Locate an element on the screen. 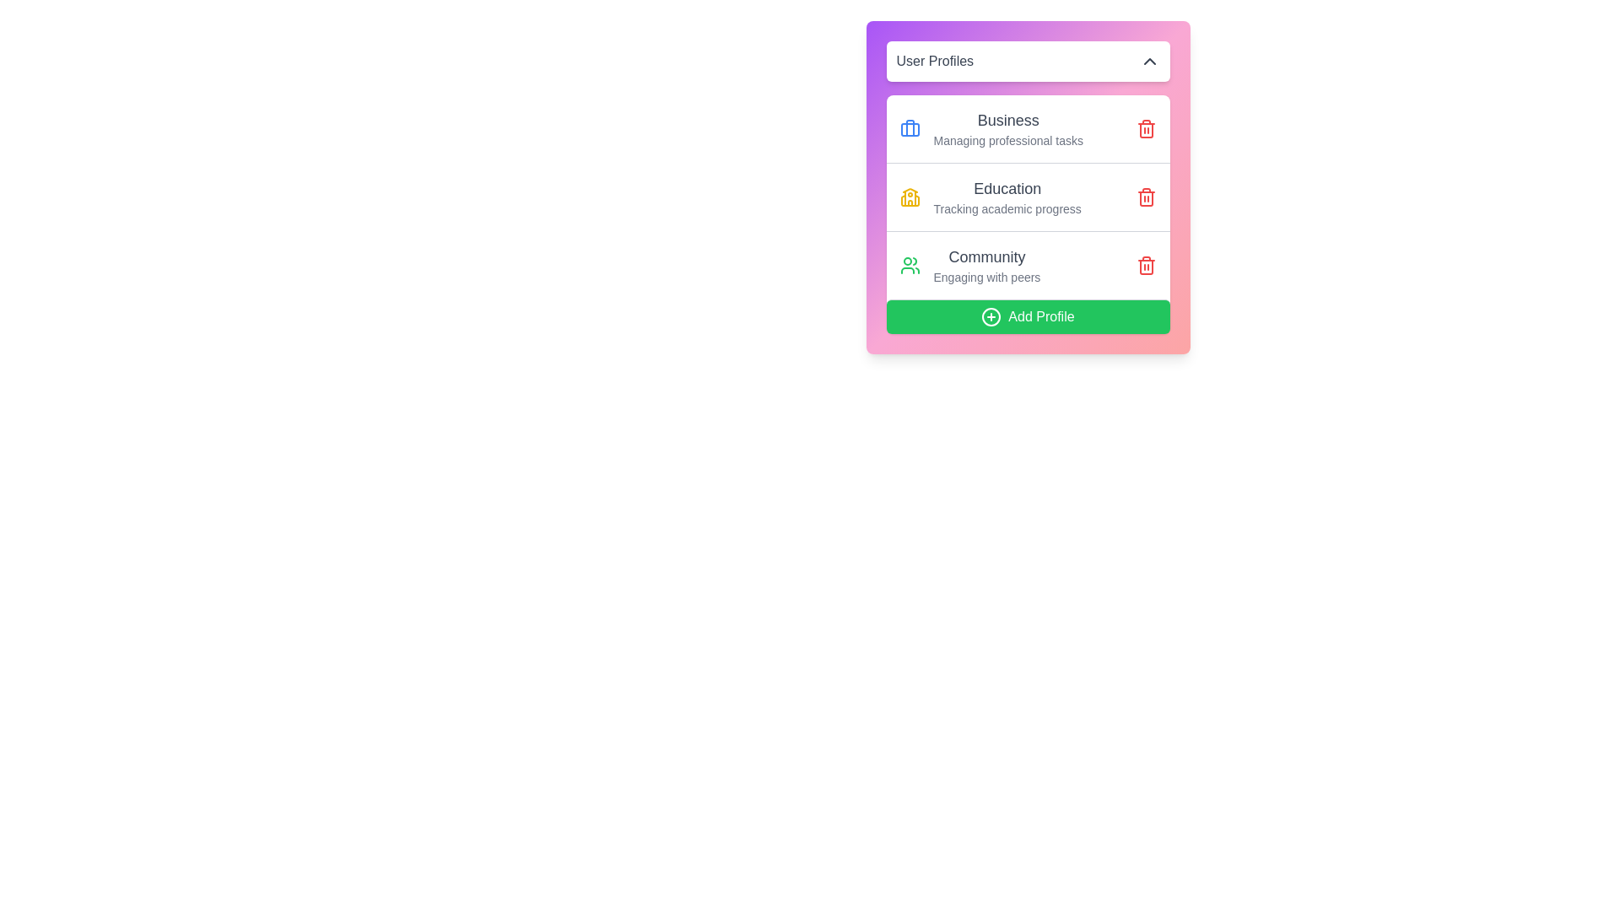  the 'Education' category icon located to the left of the text 'Education Tracking academic progress' in the 'User Profiles' panel, which is the second entry in a vertical list of categories is located at coordinates (909, 197).